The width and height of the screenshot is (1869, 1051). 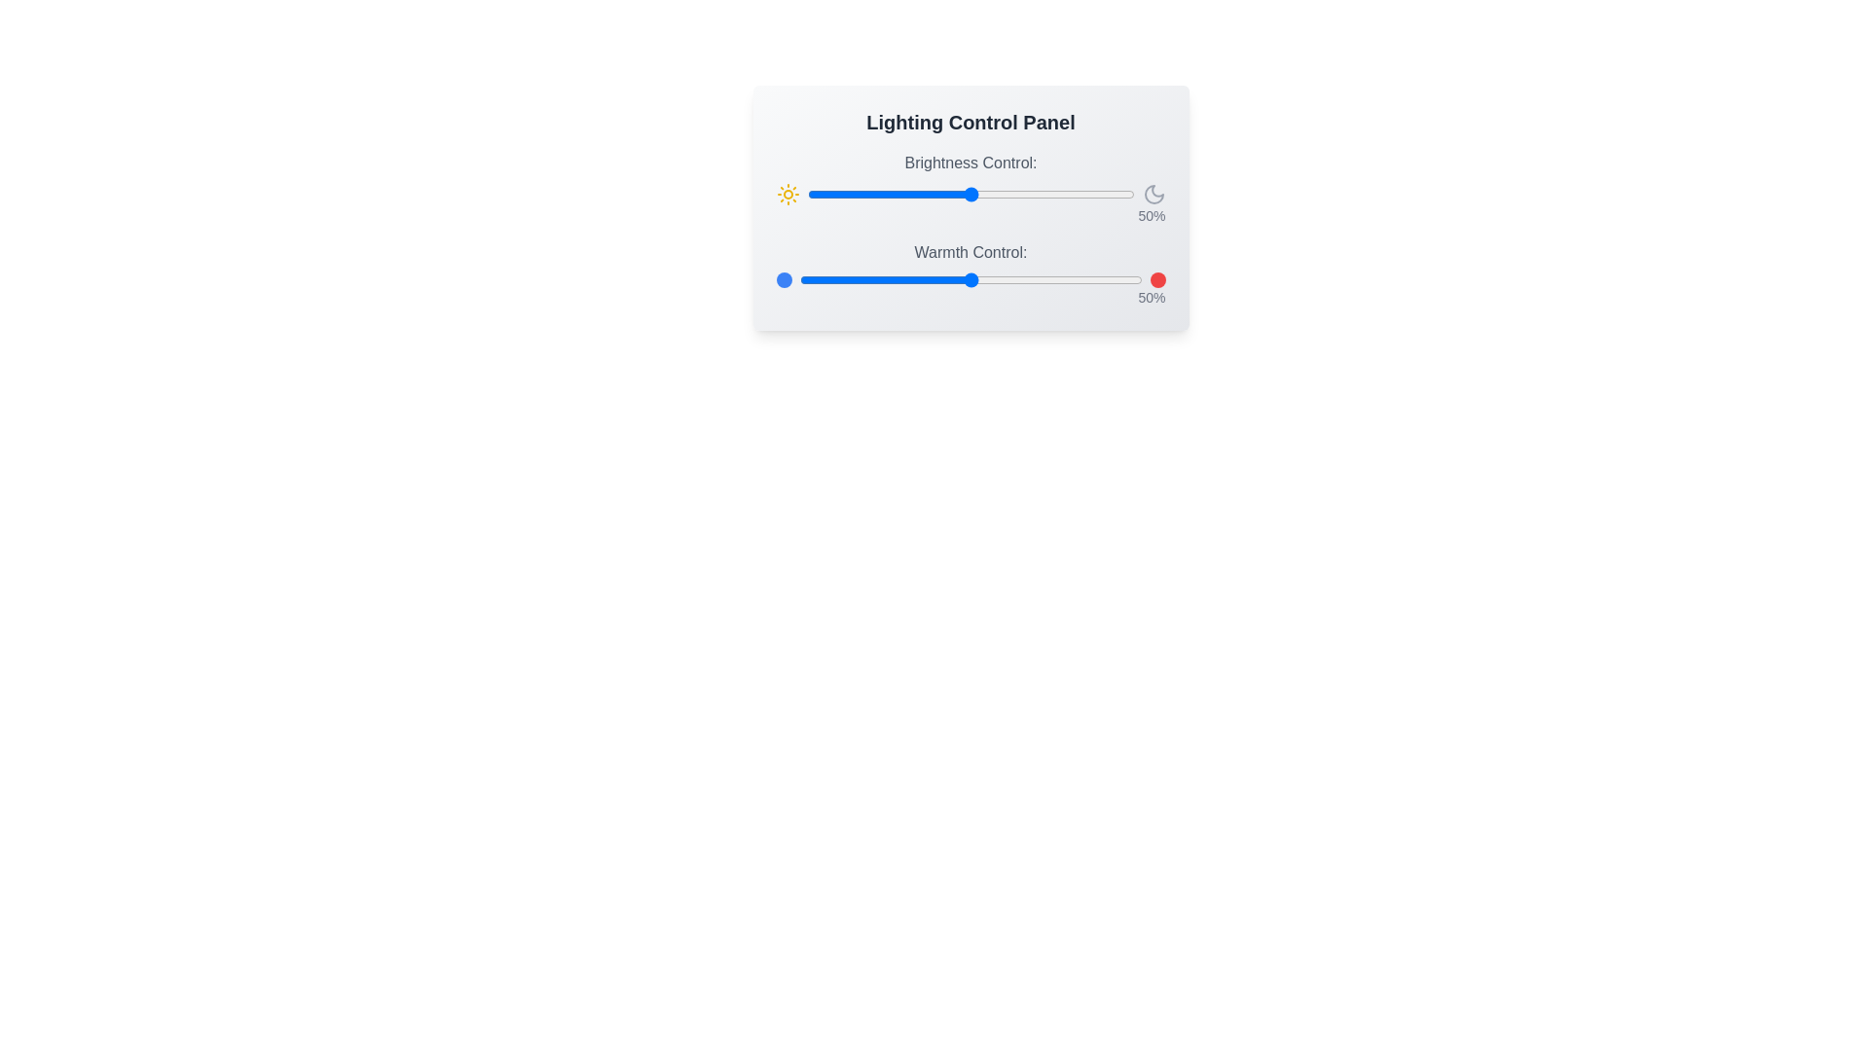 I want to click on brightness, so click(x=910, y=195).